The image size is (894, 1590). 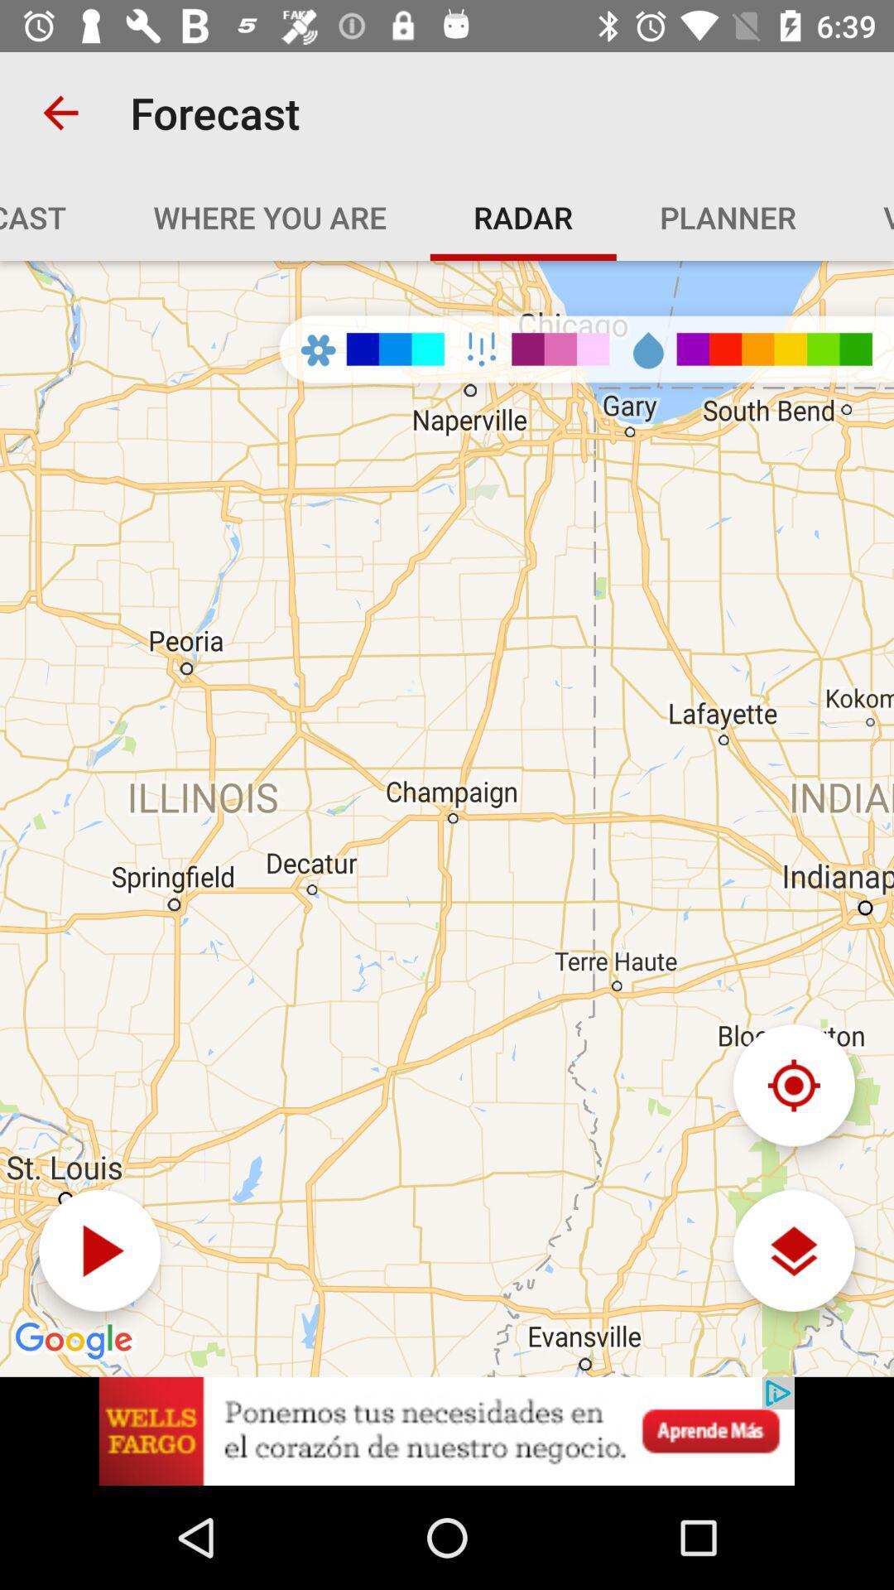 What do you see at coordinates (793, 1250) in the screenshot?
I see `the layers icon` at bounding box center [793, 1250].